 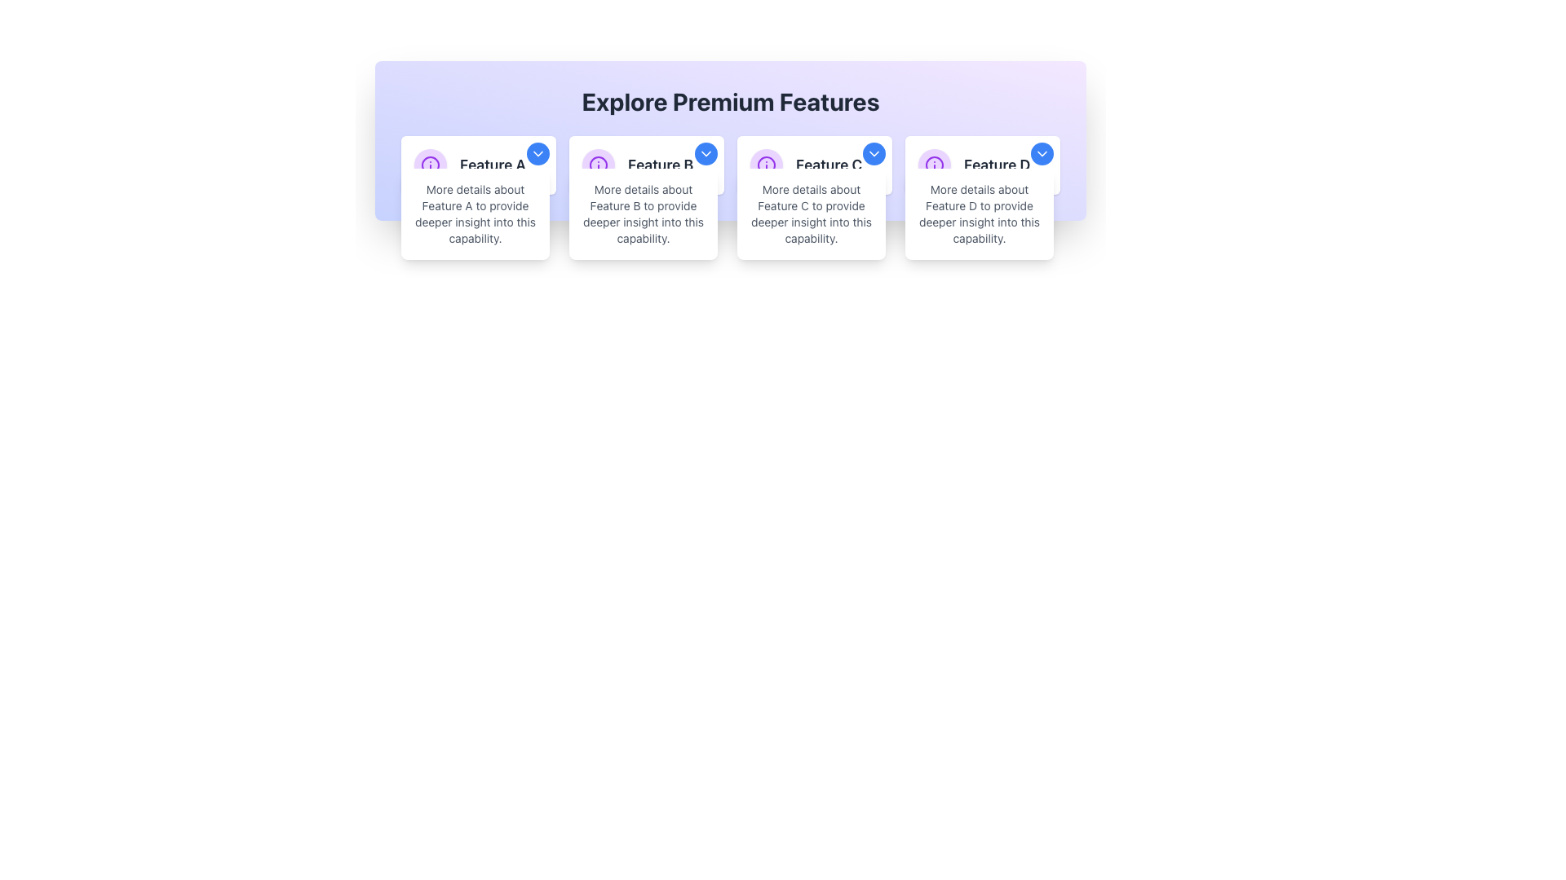 What do you see at coordinates (766, 165) in the screenshot?
I see `the small circular icon with a purple background and an 'i' symbol, located to the left of the 'Feature C' label in the 'Explore Premium Features' section` at bounding box center [766, 165].